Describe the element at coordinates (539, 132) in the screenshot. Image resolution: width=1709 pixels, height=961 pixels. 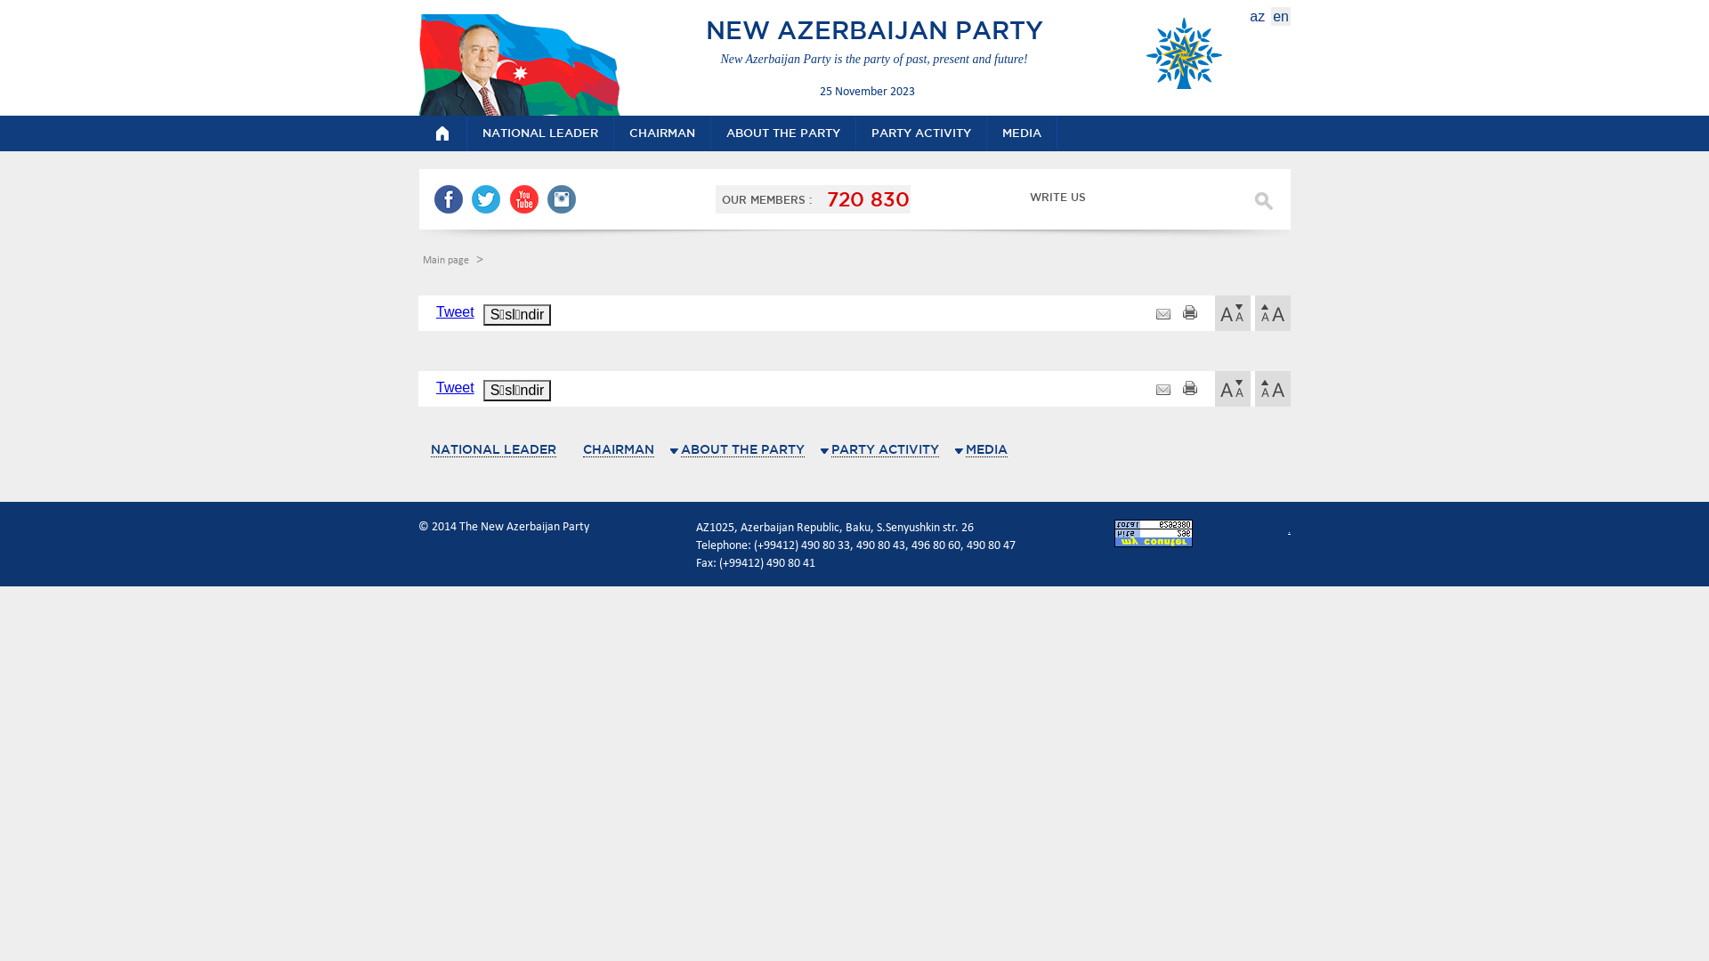
I see `'NATIONAL LEADER'` at that location.